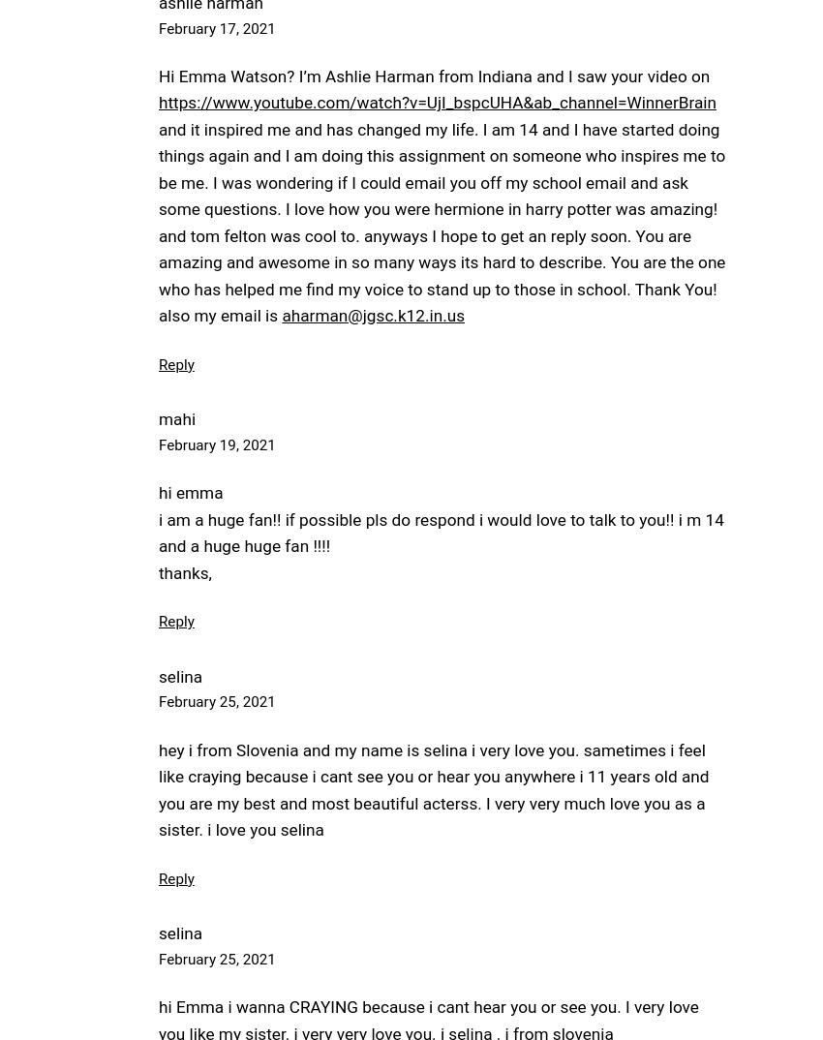 This screenshot has height=1040, width=823. What do you see at coordinates (216, 444) in the screenshot?
I see `'February 19, 2021'` at bounding box center [216, 444].